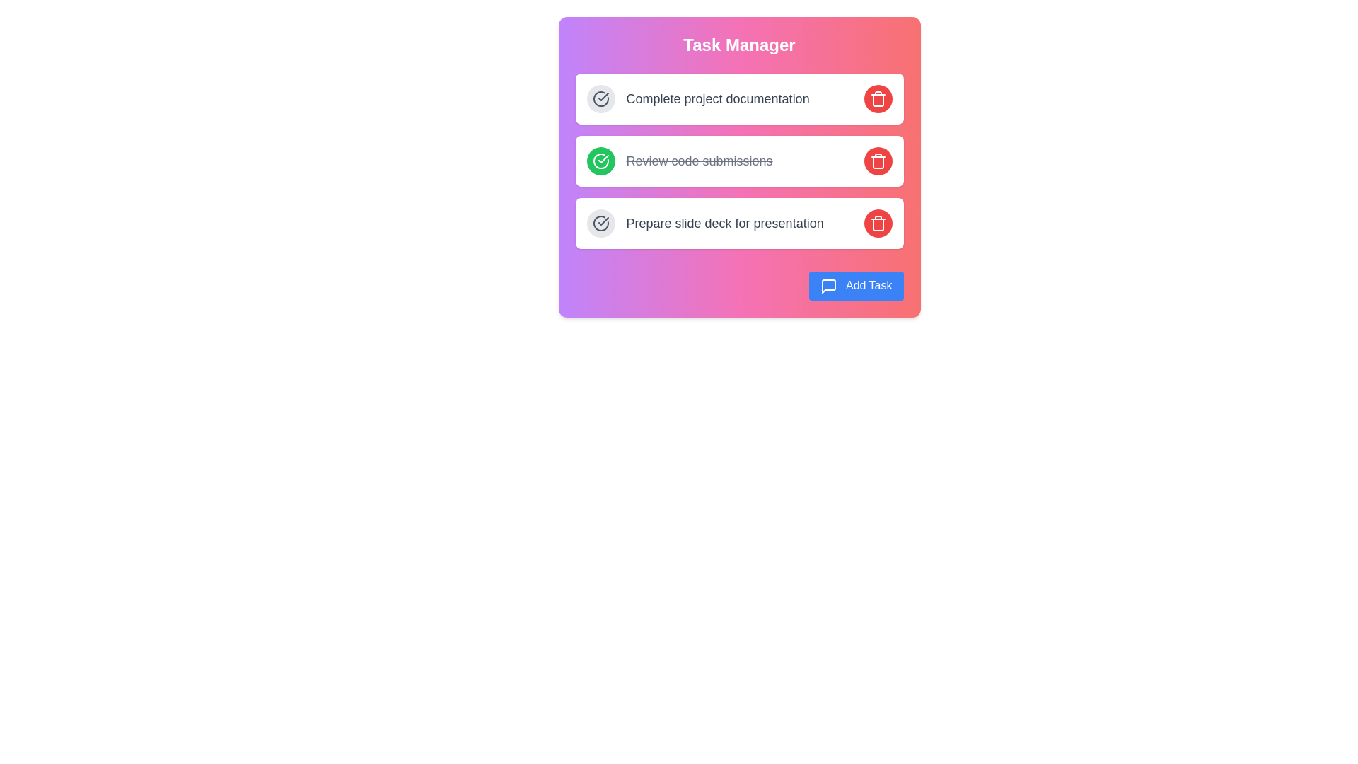 Image resolution: width=1358 pixels, height=764 pixels. What do you see at coordinates (679, 160) in the screenshot?
I see `the strikethrough text 'Review code submissions' with a green circular icon and white checkmark, which is the middle item in a task manager interface` at bounding box center [679, 160].